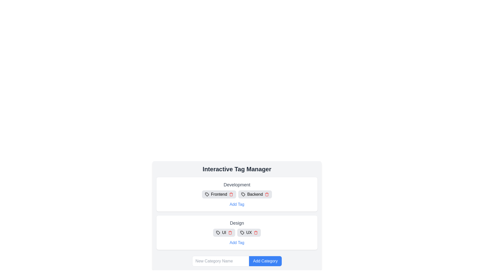  I want to click on the 'Add Category' button located within the 'Design' section of the Interactive Tag Manager card, so click(236, 215).